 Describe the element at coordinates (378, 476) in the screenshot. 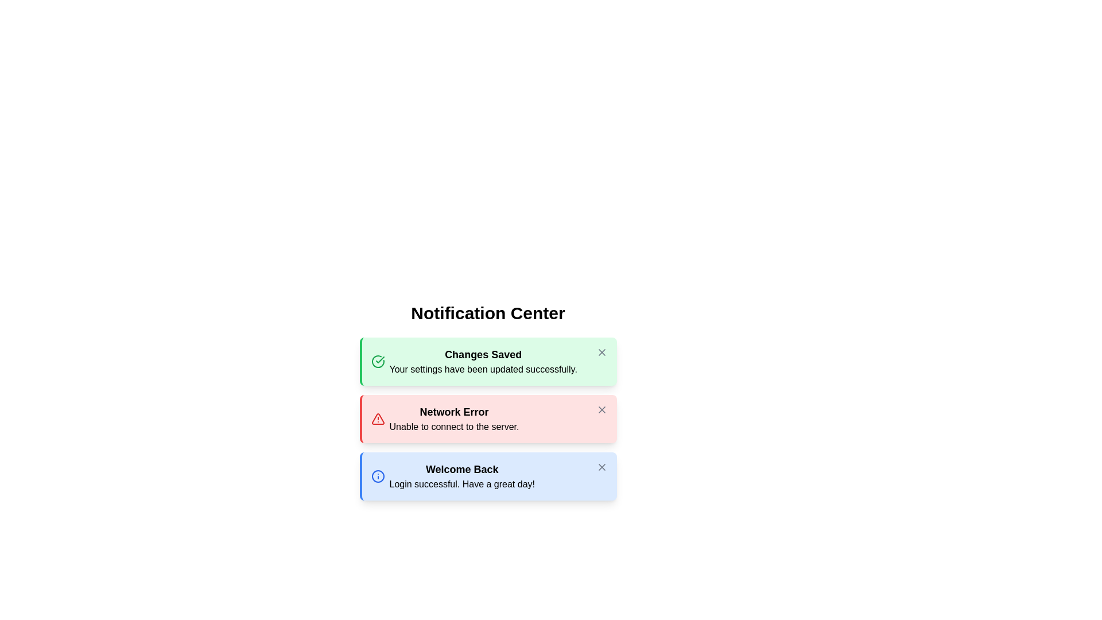

I see `the circular shape outlined in blue with a white background, located on the left side of the 'Welcome Back' notification card` at that location.